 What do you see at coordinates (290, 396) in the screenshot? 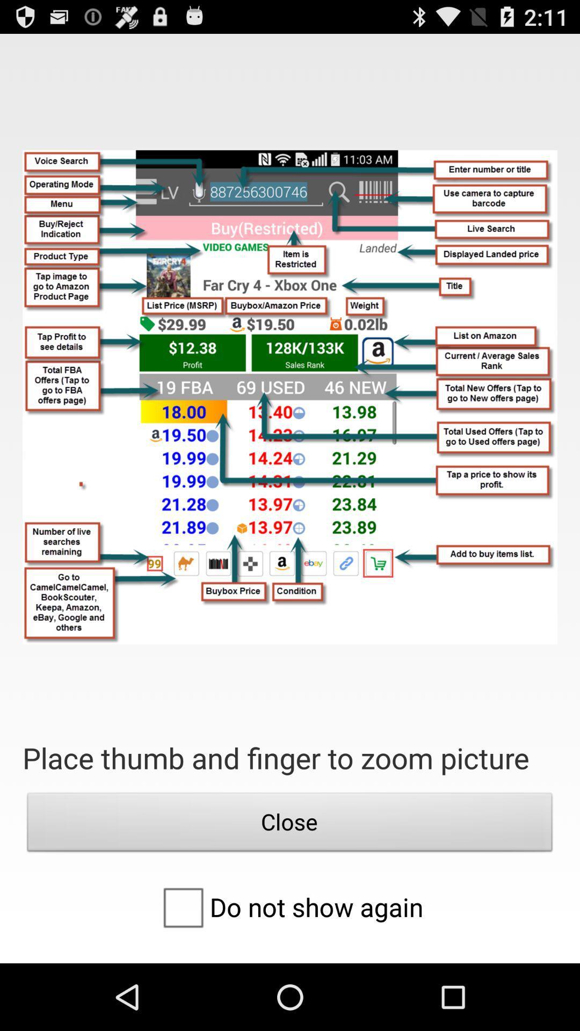
I see `item above place thumb and` at bounding box center [290, 396].